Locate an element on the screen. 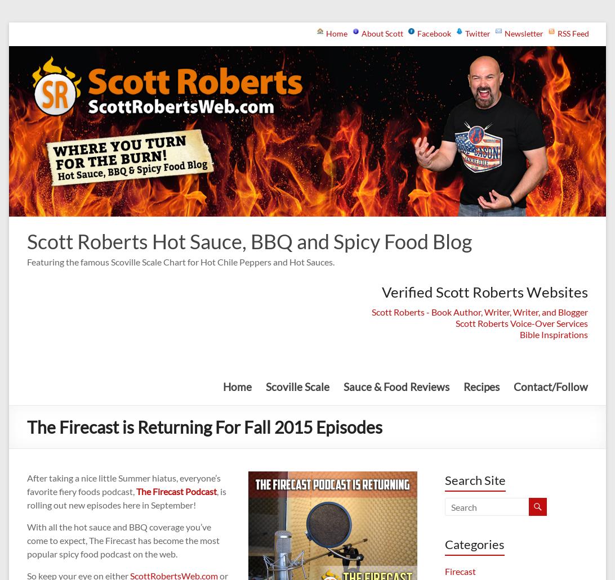 The height and width of the screenshot is (580, 615). 'Scott Roberts - Book Author, Writer, Writer, and Blogger' is located at coordinates (479, 311).